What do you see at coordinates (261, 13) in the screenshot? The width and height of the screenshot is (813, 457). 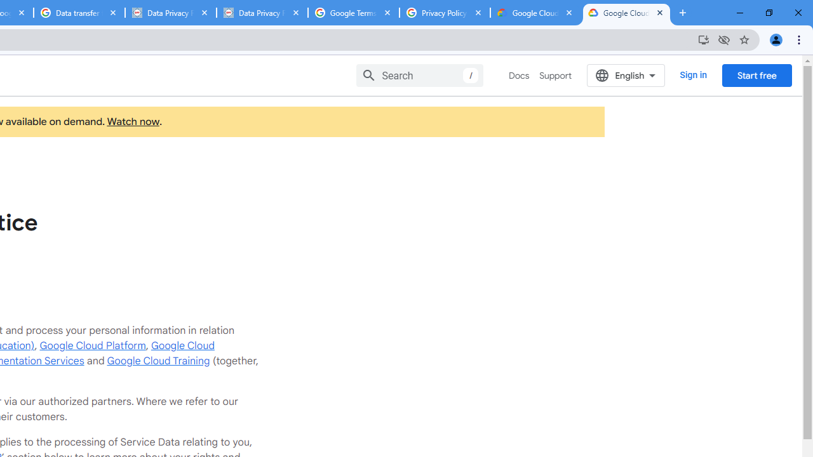 I see `'Data Privacy Framework'` at bounding box center [261, 13].